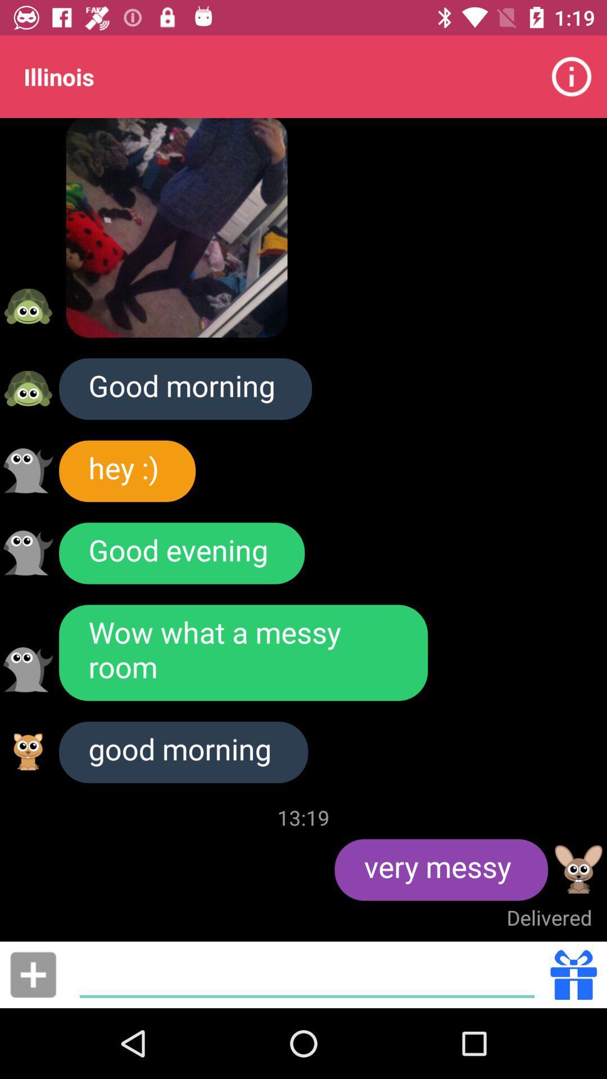 The height and width of the screenshot is (1079, 607). I want to click on icon below 13:19 icon, so click(441, 869).